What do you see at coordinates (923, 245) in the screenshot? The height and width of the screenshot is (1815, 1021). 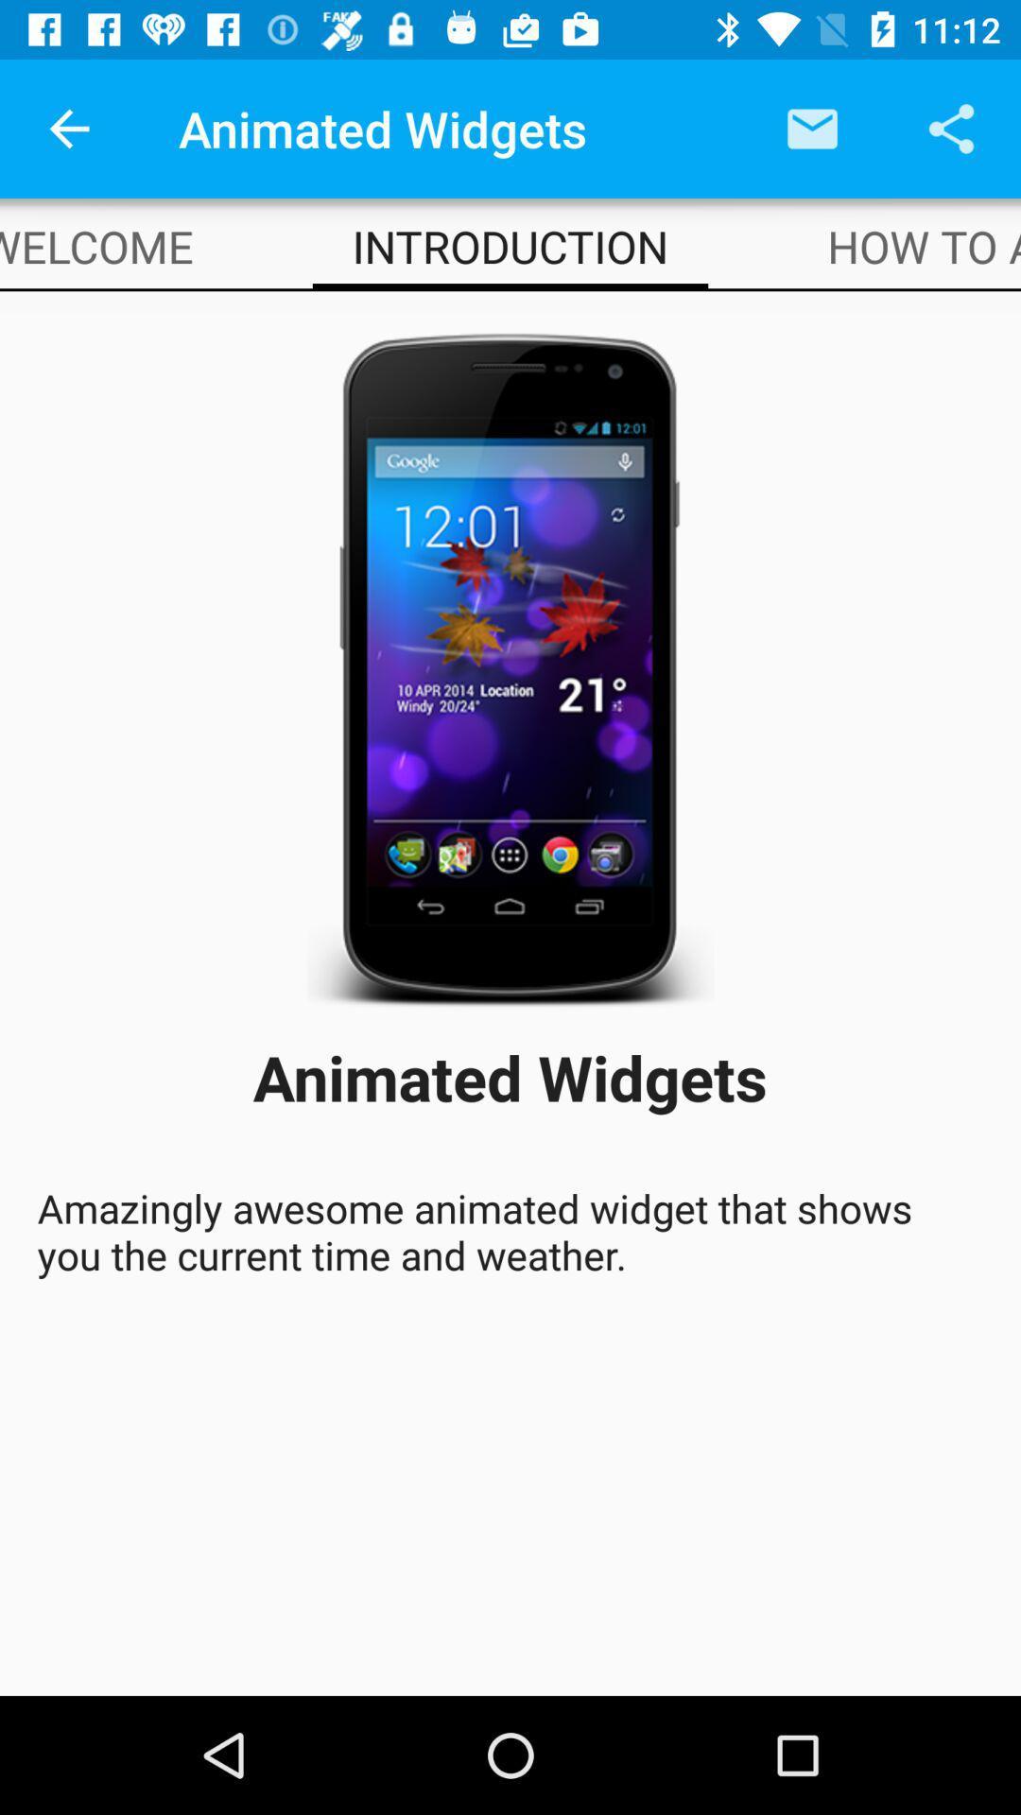 I see `item above amazingly awesome animated` at bounding box center [923, 245].